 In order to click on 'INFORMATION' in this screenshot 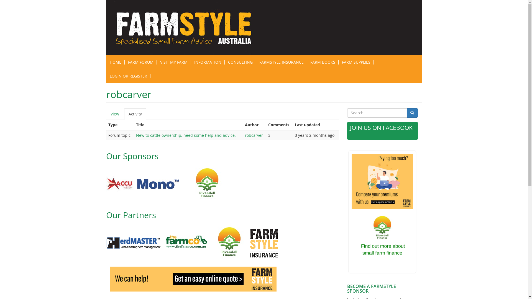, I will do `click(207, 62)`.